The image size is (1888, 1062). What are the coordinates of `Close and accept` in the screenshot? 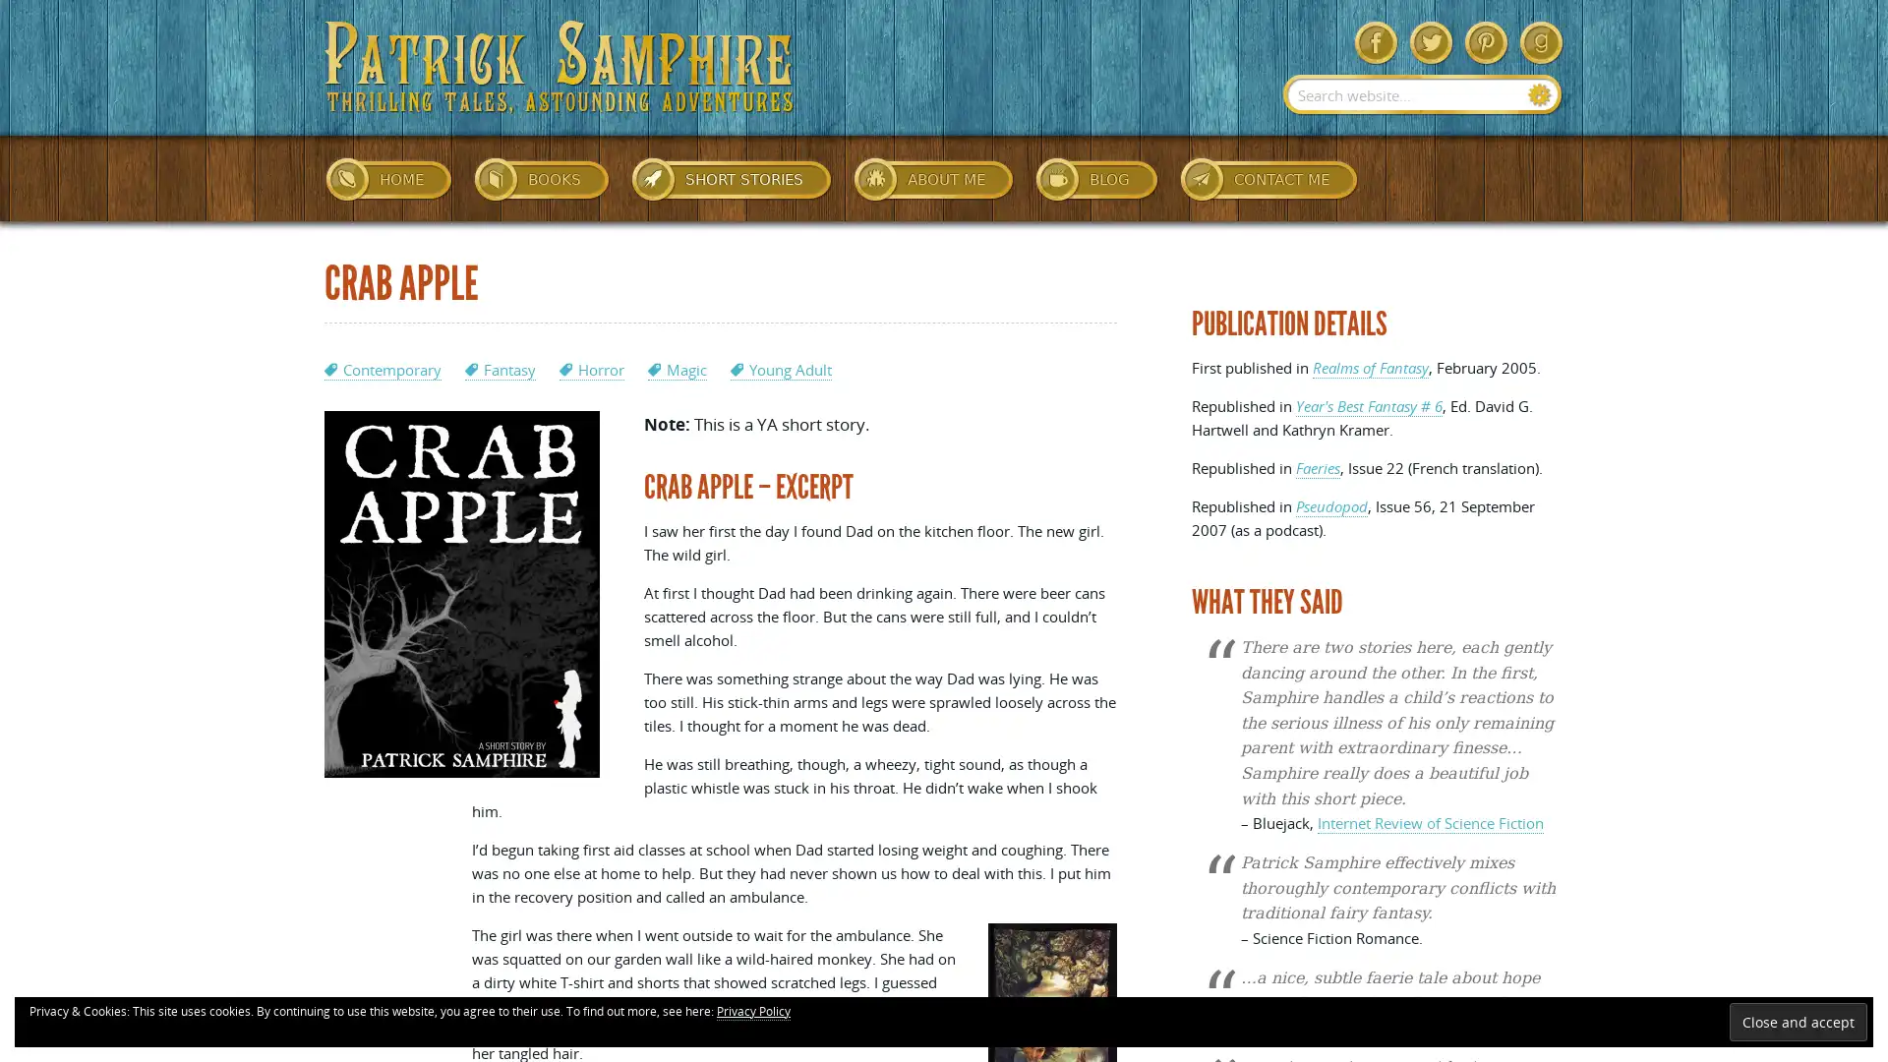 It's located at (1798, 1021).